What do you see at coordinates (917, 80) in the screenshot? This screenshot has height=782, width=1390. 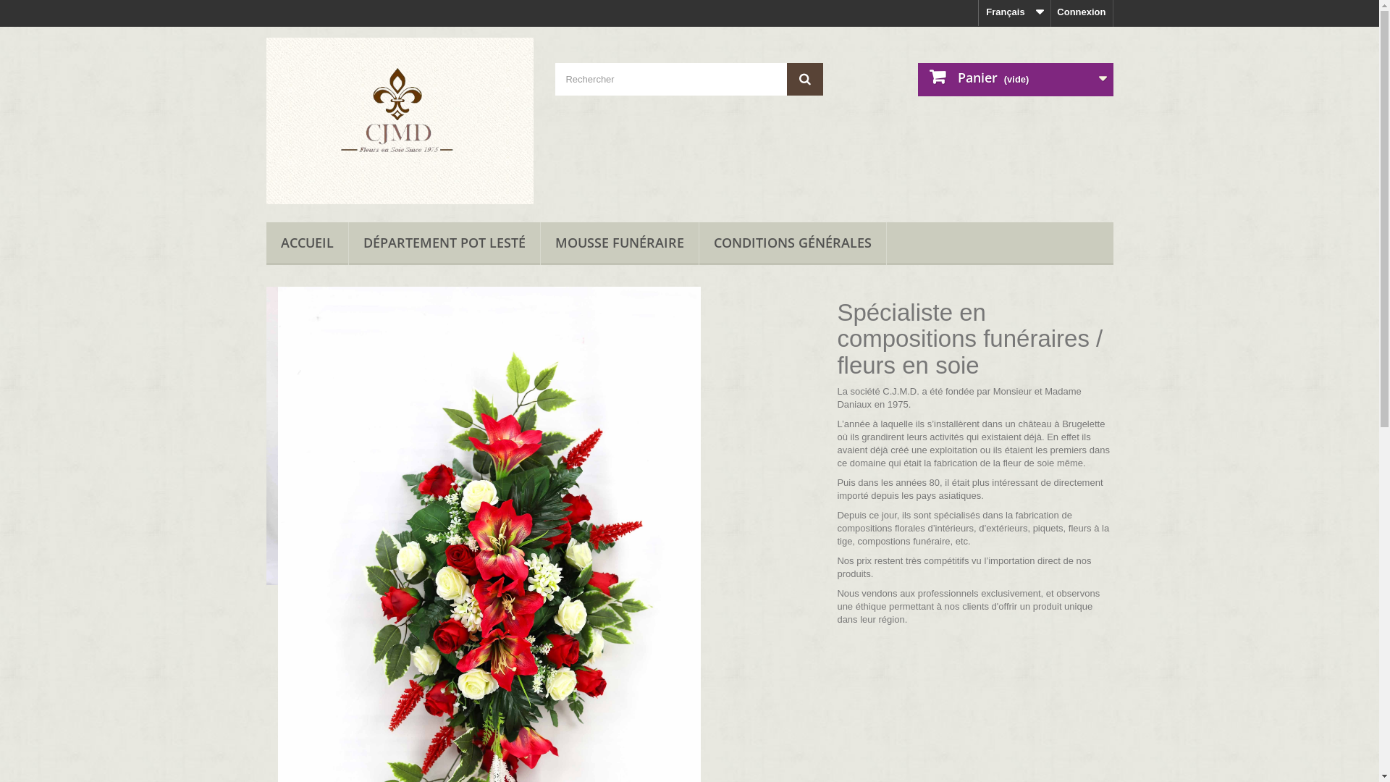 I see `'Panier (vide)'` at bounding box center [917, 80].